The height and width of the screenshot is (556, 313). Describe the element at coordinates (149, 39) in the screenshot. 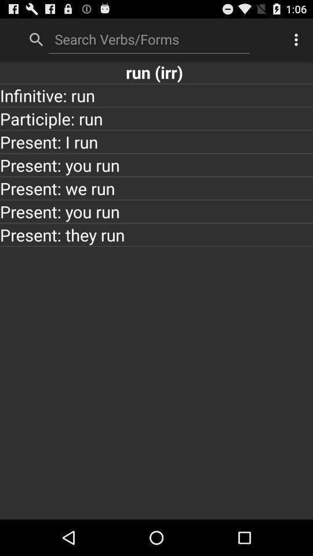

I see `search` at that location.